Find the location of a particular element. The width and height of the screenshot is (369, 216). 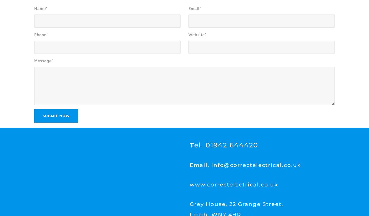

'Email*' is located at coordinates (195, 8).